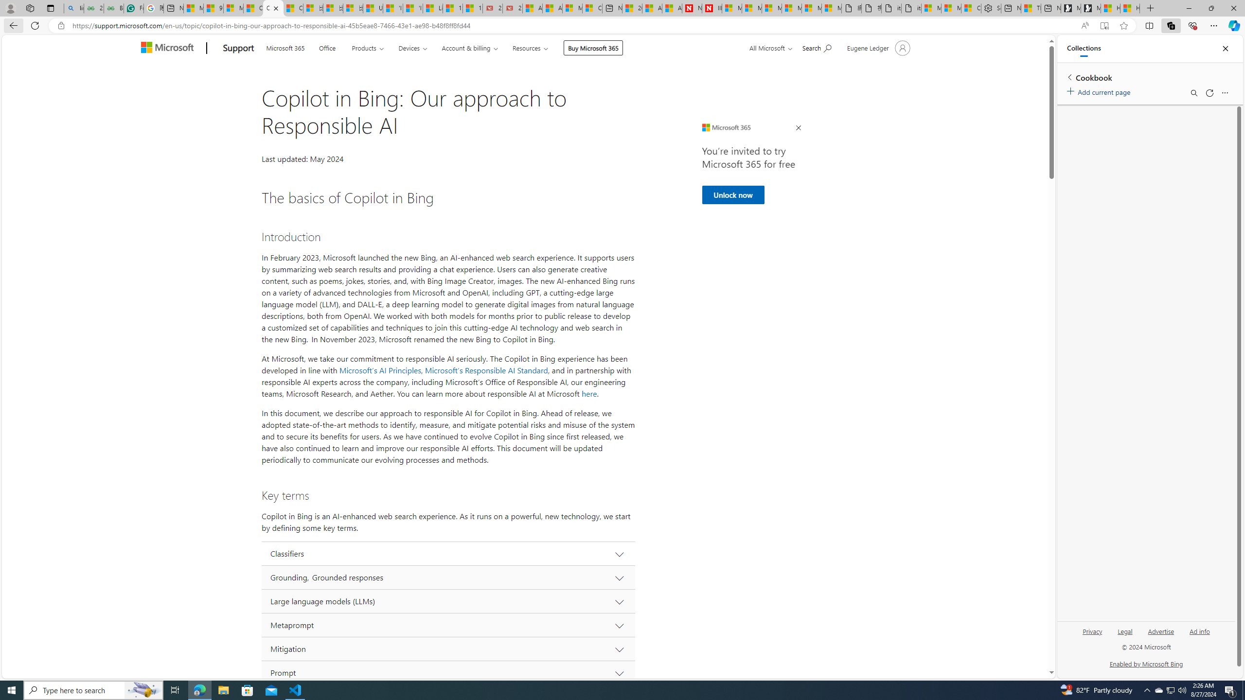  What do you see at coordinates (910, 8) in the screenshot?
I see `'itconcepthk.com/projector_solutions.mp4'` at bounding box center [910, 8].